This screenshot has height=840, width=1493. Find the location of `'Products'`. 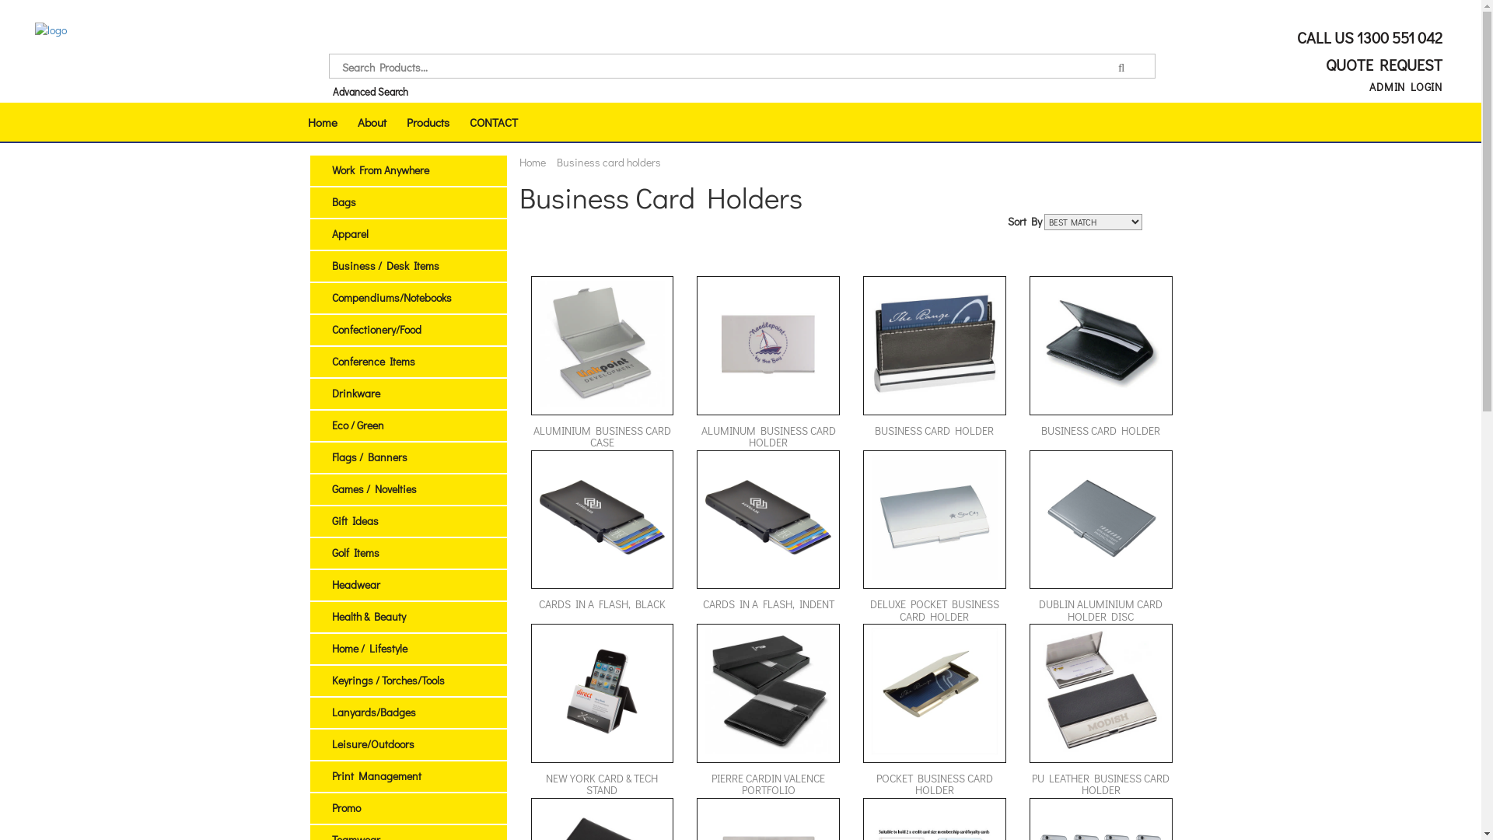

'Products' is located at coordinates (428, 121).